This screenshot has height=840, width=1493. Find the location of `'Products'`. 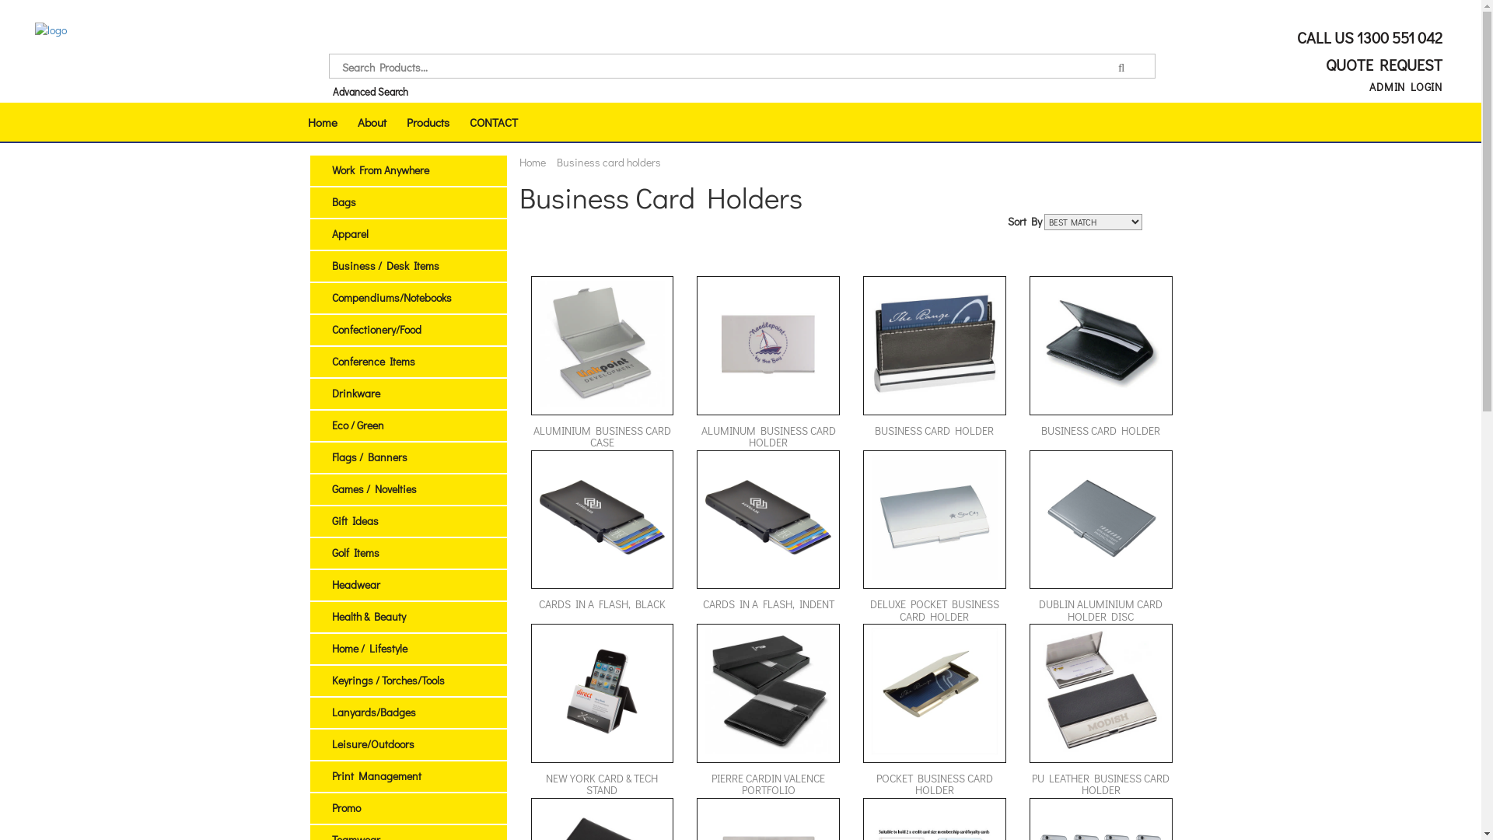

'Products' is located at coordinates (428, 121).